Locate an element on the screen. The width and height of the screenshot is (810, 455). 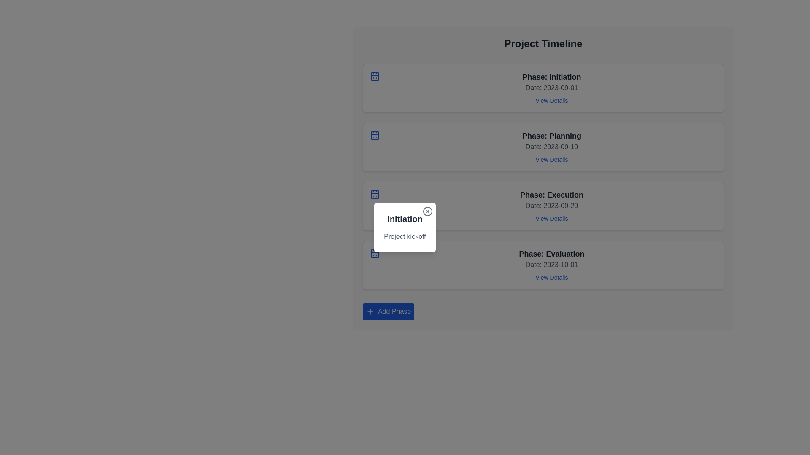
the calendar icon located in the top-left corner of the 'Phase: Initiation' card to visually indicate the date-related function is located at coordinates (374, 76).